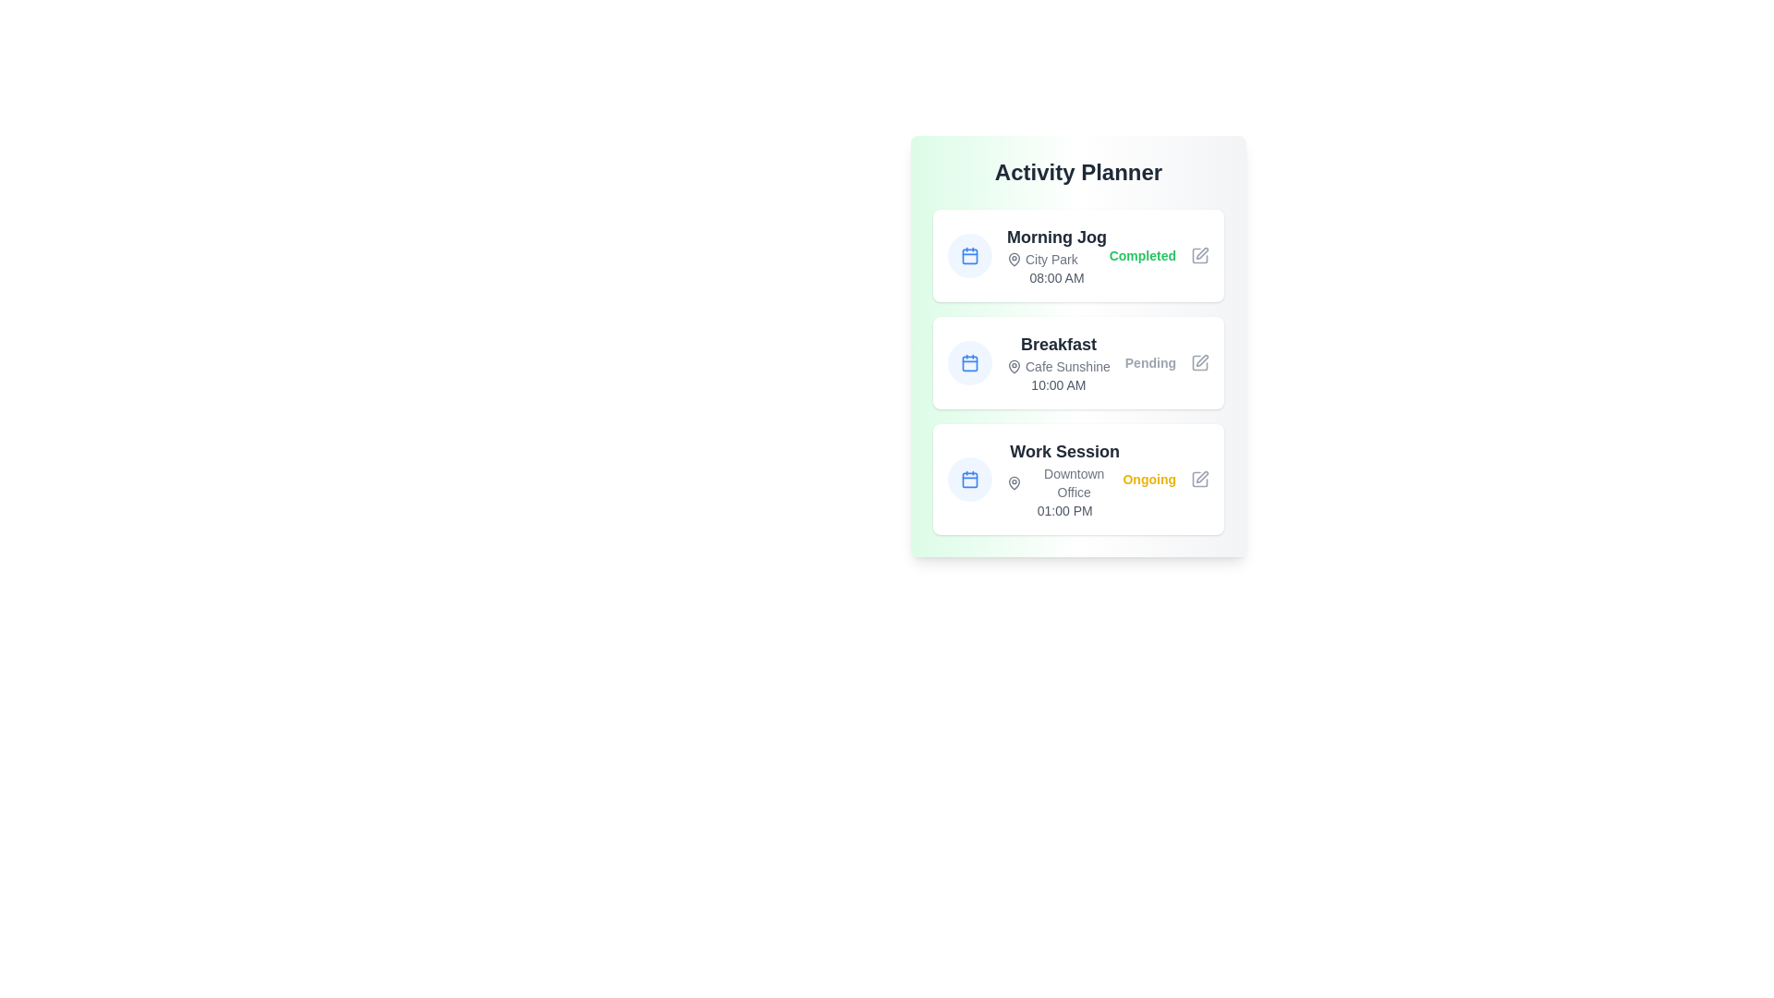 The height and width of the screenshot is (998, 1774). I want to click on content displayed in the text indicating the starting or scheduled time for the 'Work Session' activity, positioned at the bottom of the 'Work Session' card below the 'Downtown Office' subheading, so click(1064, 510).